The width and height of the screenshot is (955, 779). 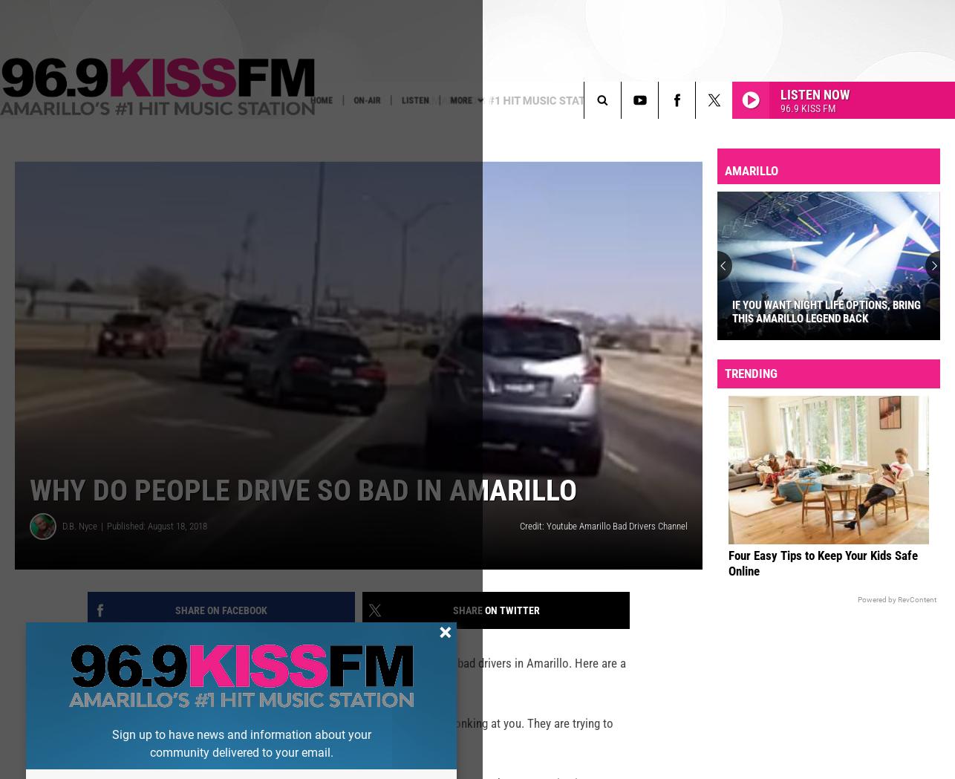 What do you see at coordinates (452, 633) in the screenshot?
I see `'Share on Twitter'` at bounding box center [452, 633].